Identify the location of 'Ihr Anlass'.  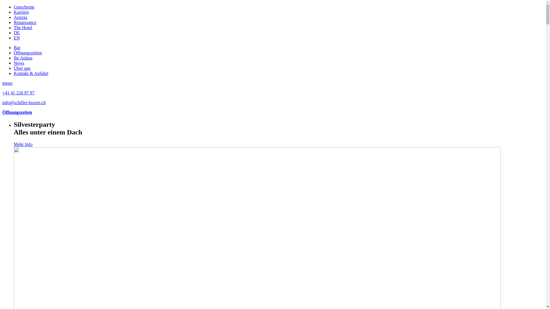
(23, 58).